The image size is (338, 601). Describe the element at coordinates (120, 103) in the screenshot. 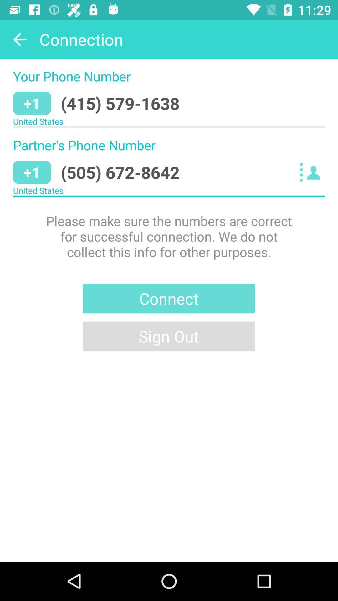

I see `the (415) 579-1638 item` at that location.